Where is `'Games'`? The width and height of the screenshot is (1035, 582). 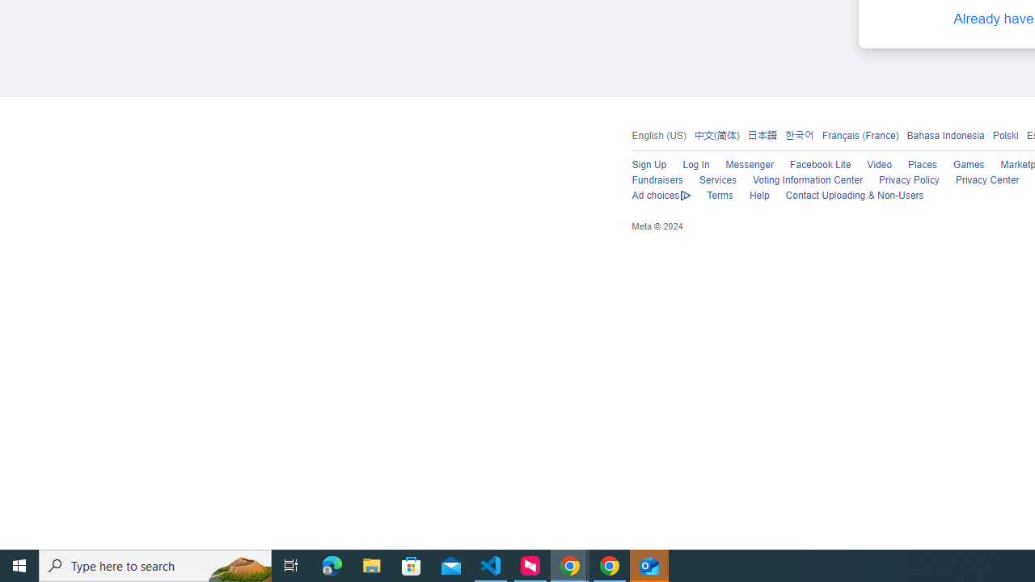
'Games' is located at coordinates (969, 165).